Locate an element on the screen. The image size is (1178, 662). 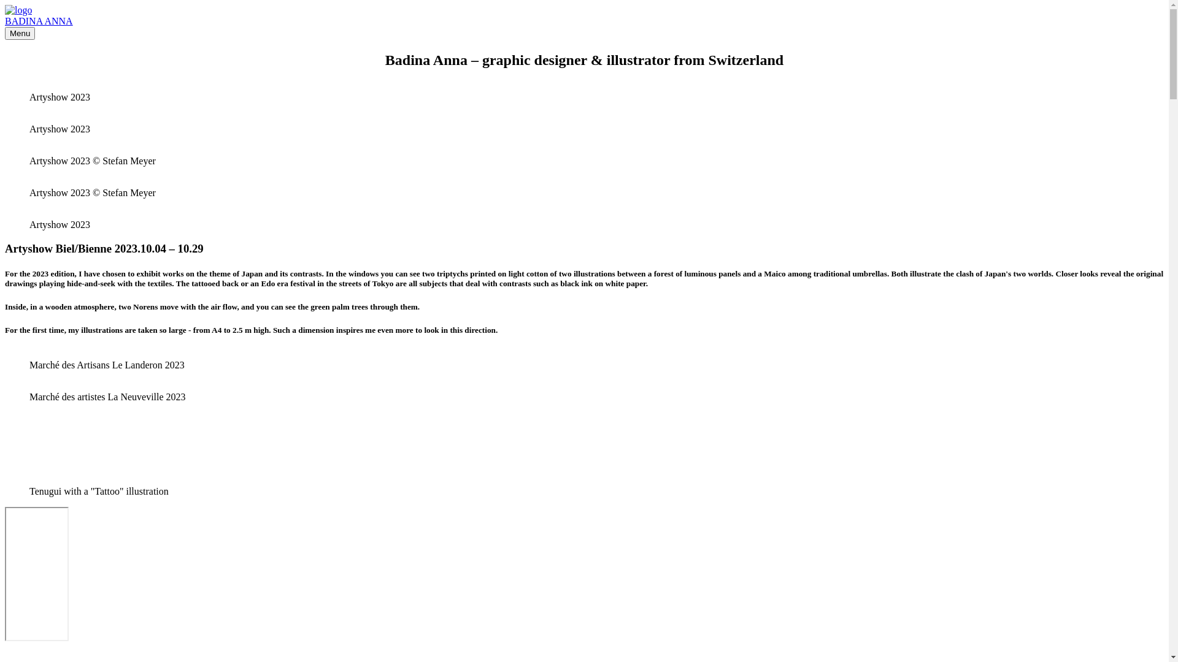
'BADINA ANNA' is located at coordinates (39, 21).